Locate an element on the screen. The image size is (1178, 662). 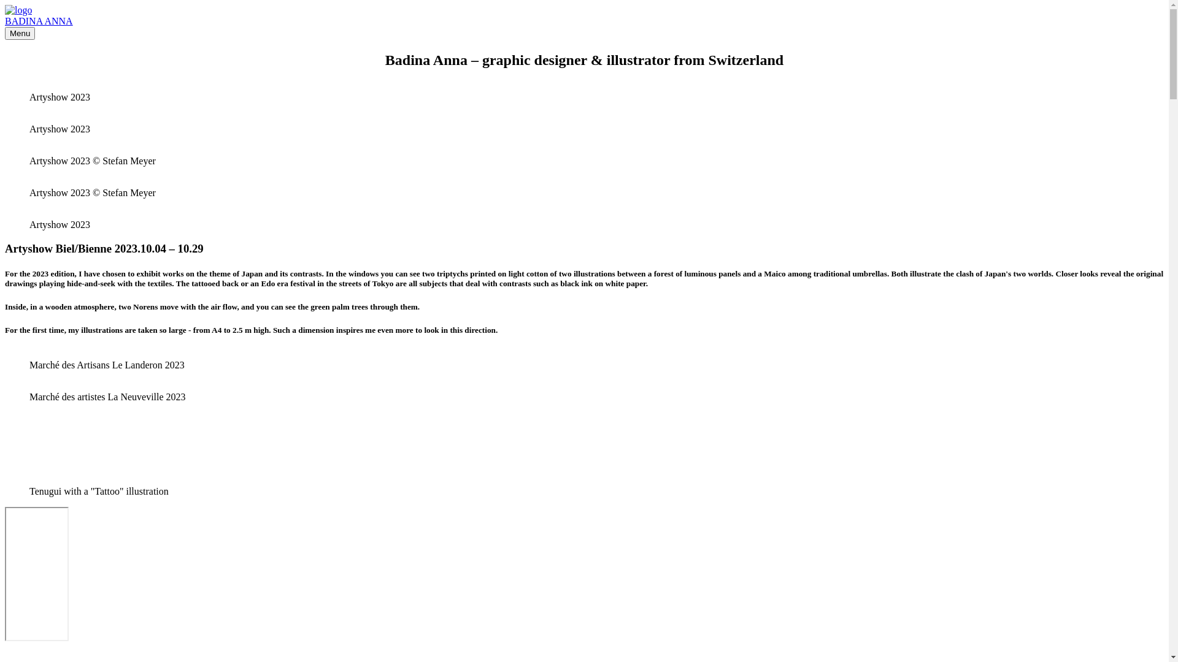
'BADINA ANNA' is located at coordinates (39, 21).